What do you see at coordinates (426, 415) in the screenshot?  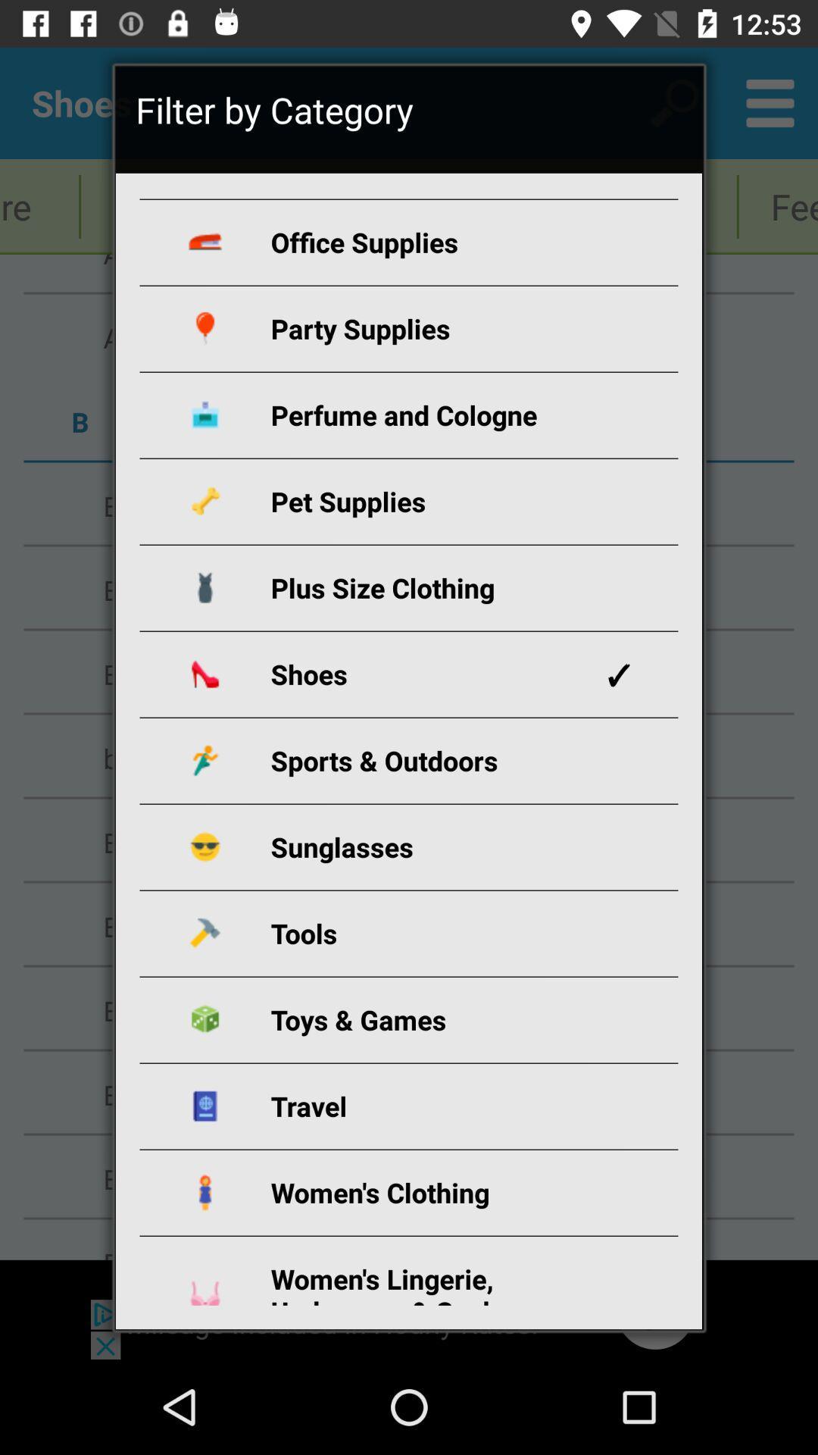 I see `the perfume and cologne icon` at bounding box center [426, 415].